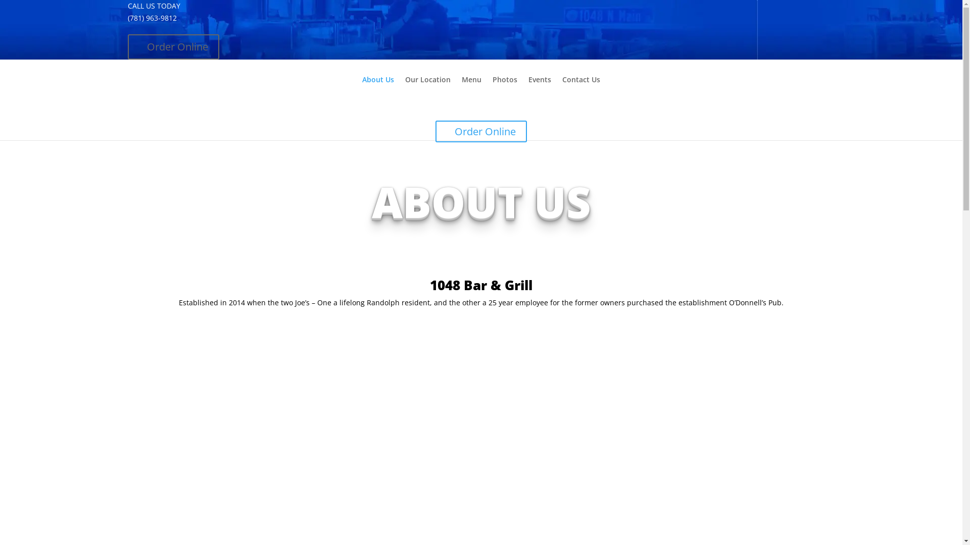 Image resolution: width=970 pixels, height=545 pixels. I want to click on 'Contact Us', so click(581, 87).